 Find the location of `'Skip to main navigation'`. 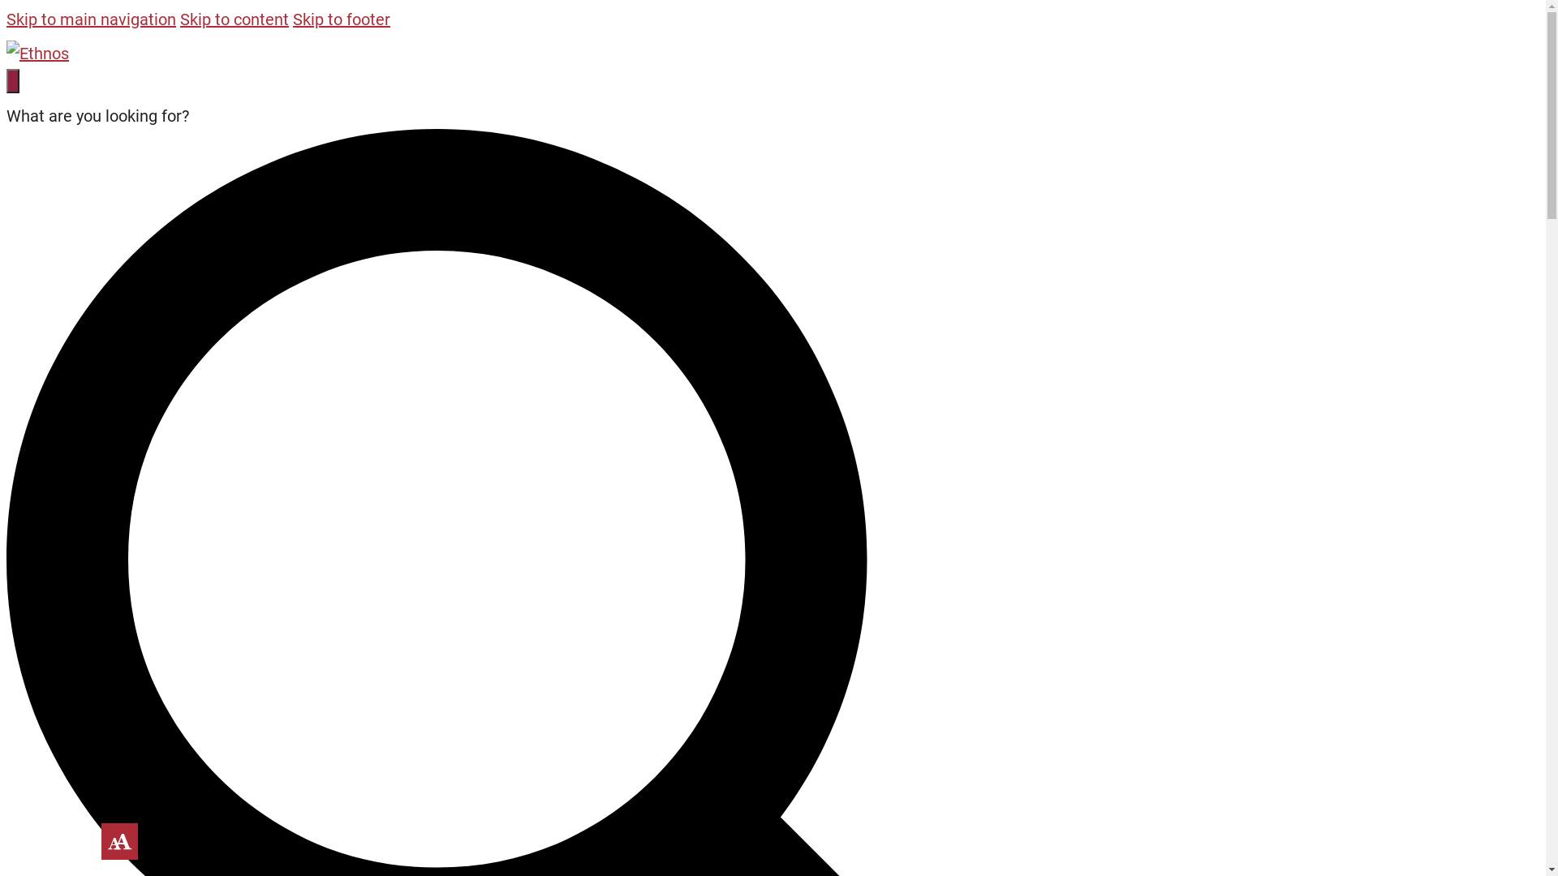

'Skip to main navigation' is located at coordinates (6, 19).